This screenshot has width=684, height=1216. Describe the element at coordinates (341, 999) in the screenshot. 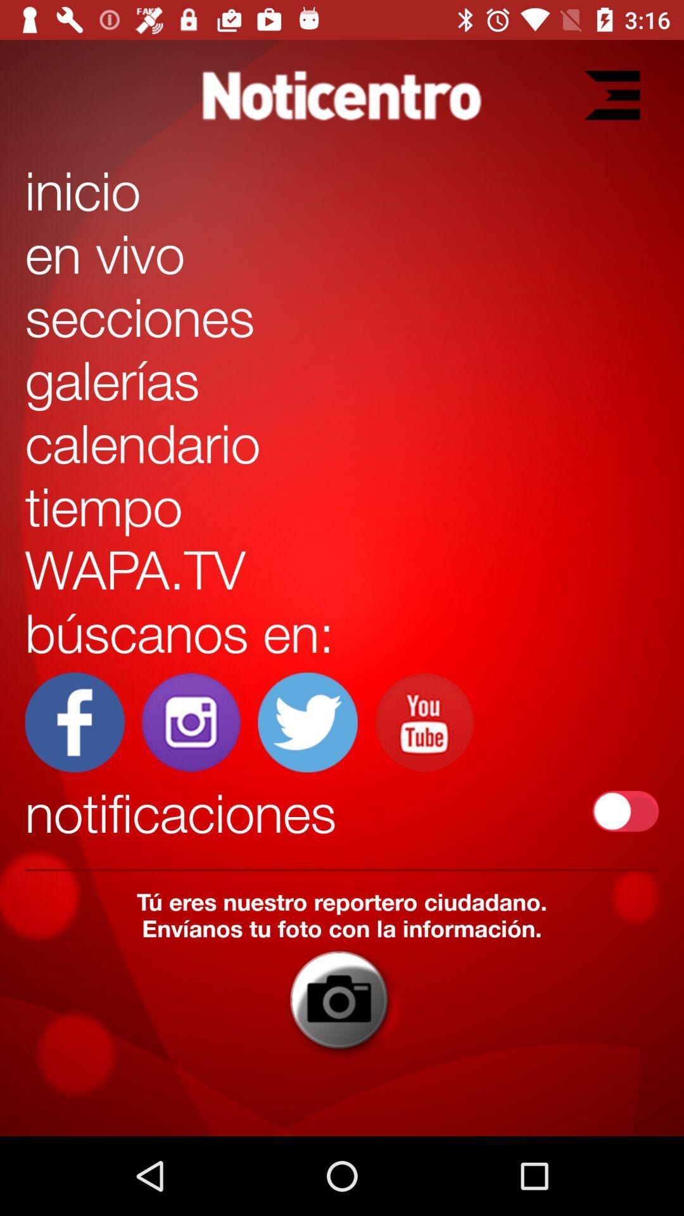

I see `the photo icon` at that location.